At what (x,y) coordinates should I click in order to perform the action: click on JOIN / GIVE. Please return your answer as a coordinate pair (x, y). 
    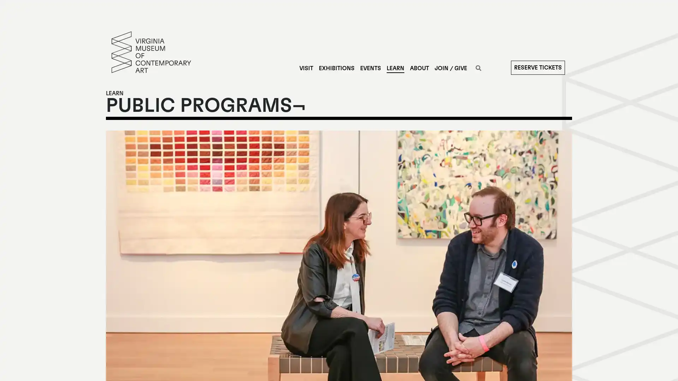
    Looking at the image, I should click on (450, 68).